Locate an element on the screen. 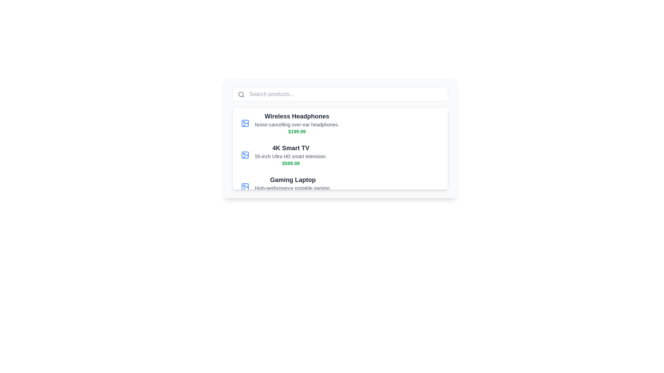 This screenshot has height=373, width=664. text label that displays the cost of the product located under the description '55-inch Ultra HD smart television.' is located at coordinates (291, 163).